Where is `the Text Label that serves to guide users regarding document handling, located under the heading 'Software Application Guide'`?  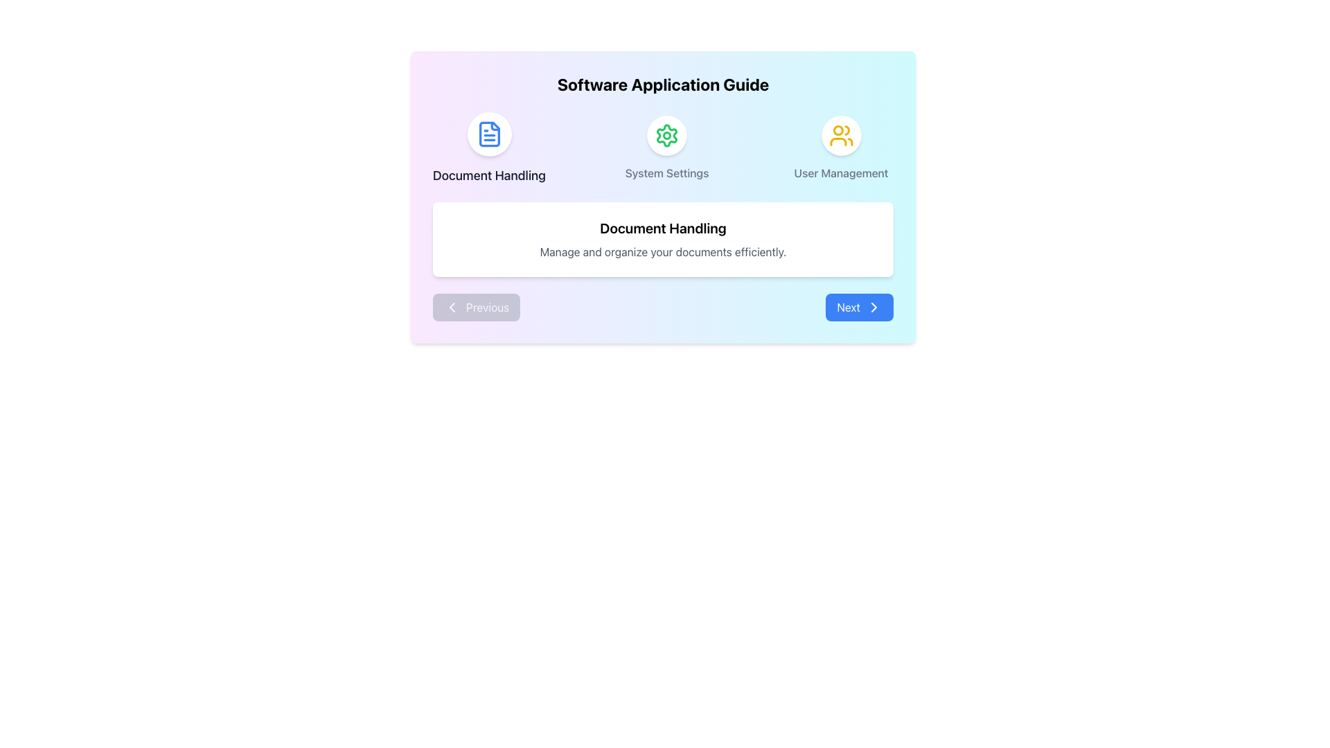 the Text Label that serves to guide users regarding document handling, located under the heading 'Software Application Guide' is located at coordinates (489, 175).